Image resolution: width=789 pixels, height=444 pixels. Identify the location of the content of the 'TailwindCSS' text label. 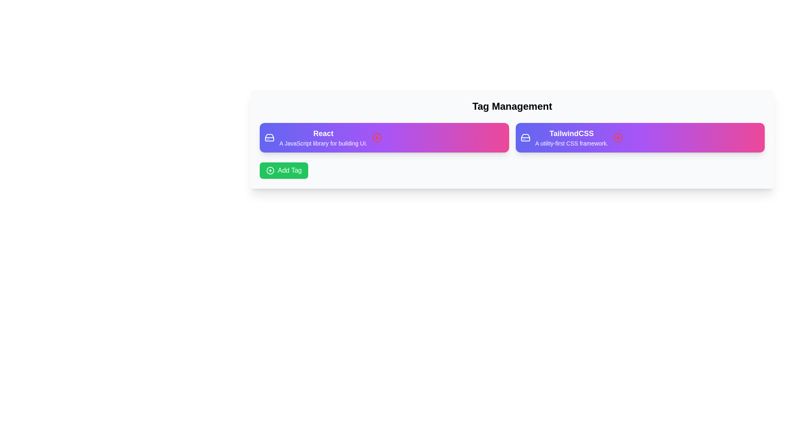
(571, 137).